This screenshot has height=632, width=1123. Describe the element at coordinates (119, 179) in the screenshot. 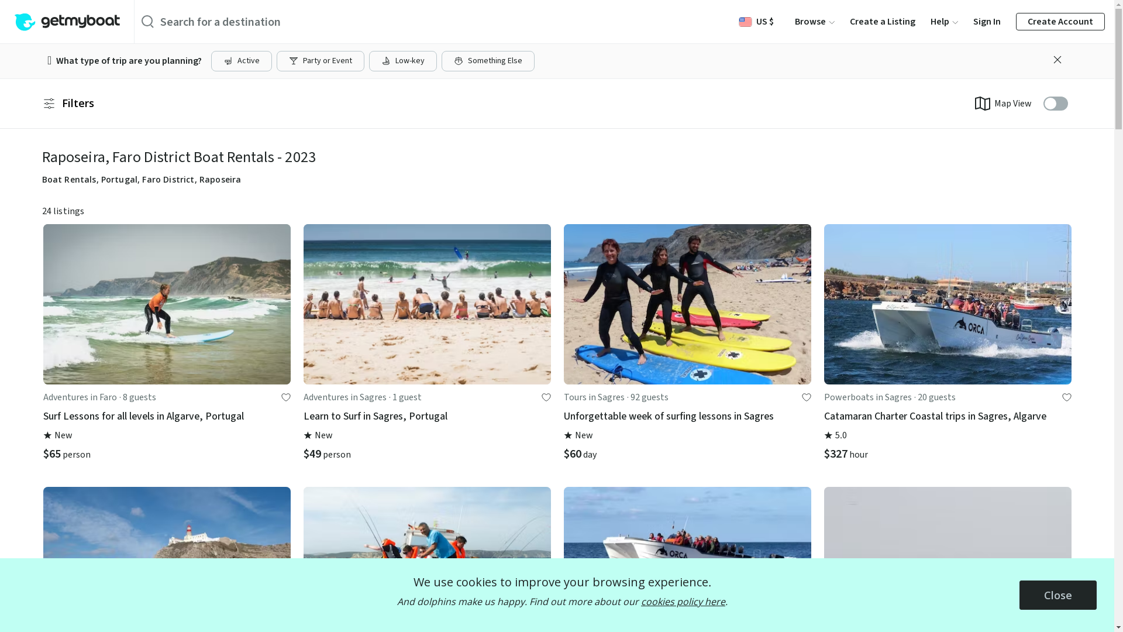

I see `'Portugal'` at that location.